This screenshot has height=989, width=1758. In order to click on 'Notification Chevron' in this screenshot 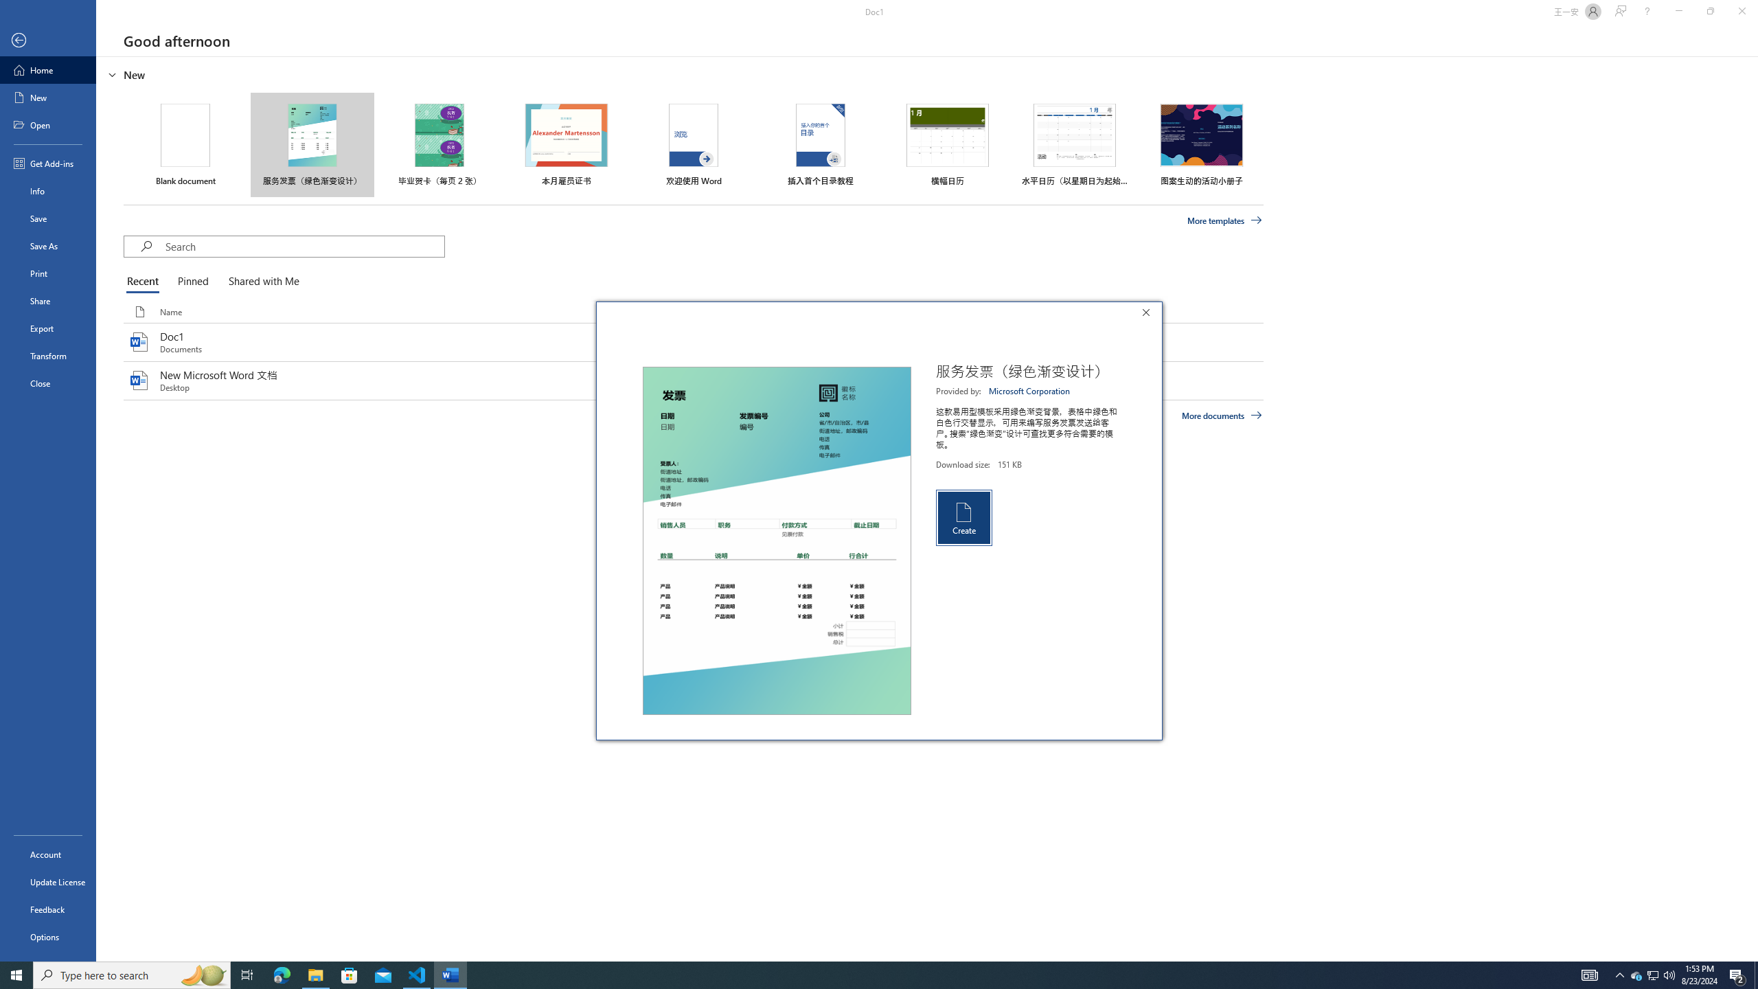, I will do `click(1620, 974)`.